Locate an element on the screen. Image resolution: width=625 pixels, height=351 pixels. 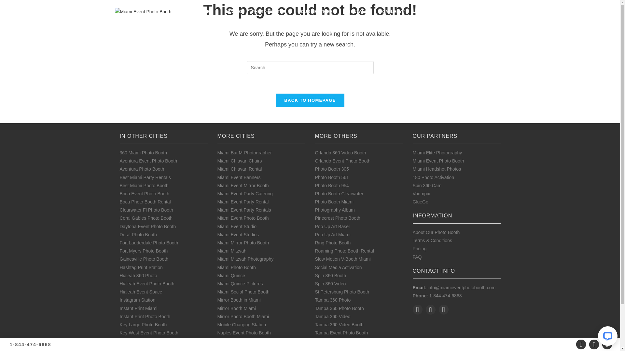
'Pricing' is located at coordinates (420, 248).